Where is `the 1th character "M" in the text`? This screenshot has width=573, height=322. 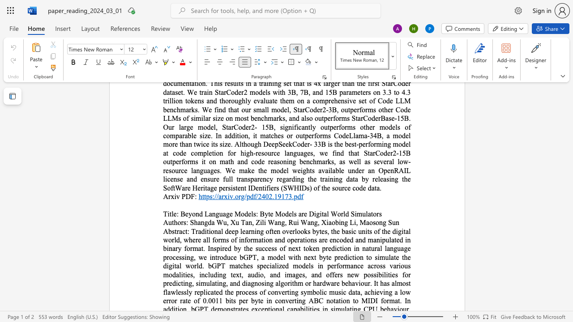 the 1th character "M" in the text is located at coordinates (238, 214).